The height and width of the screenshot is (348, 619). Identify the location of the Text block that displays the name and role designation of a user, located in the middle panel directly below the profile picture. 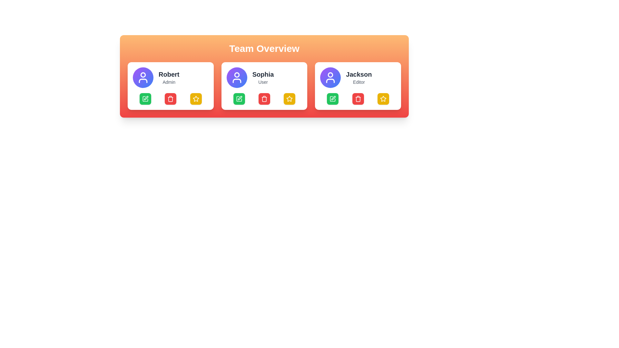
(263, 77).